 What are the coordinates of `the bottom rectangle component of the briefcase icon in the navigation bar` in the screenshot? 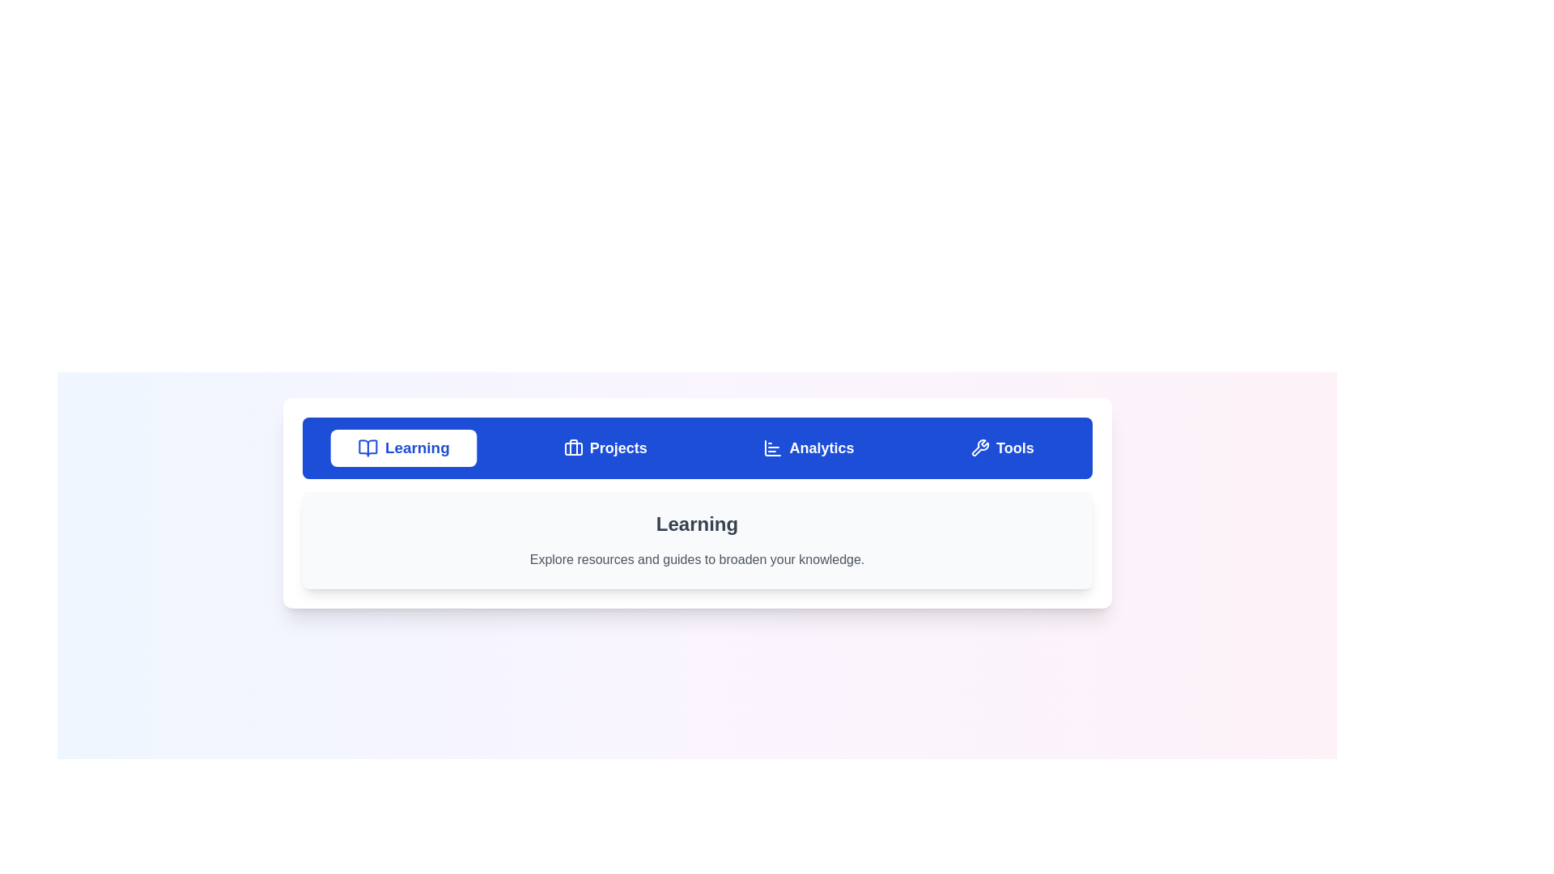 It's located at (573, 449).